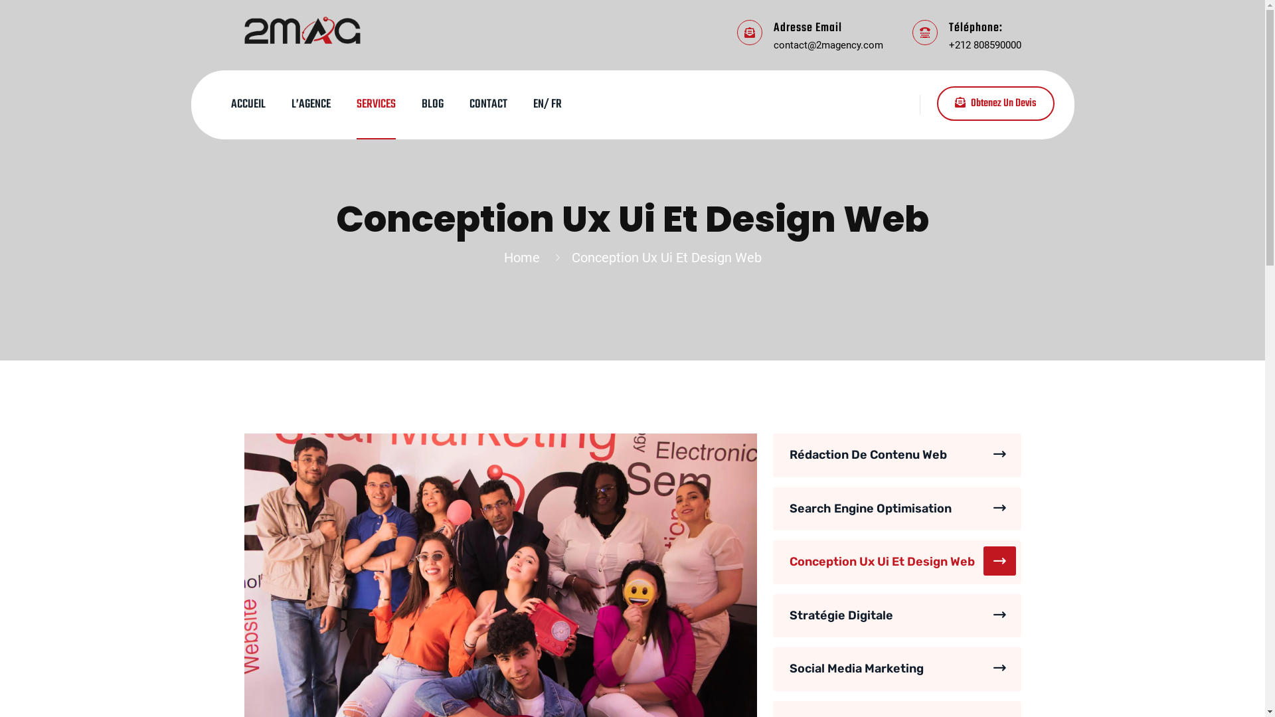 The height and width of the screenshot is (717, 1275). I want to click on 'SERVICES', so click(375, 104).